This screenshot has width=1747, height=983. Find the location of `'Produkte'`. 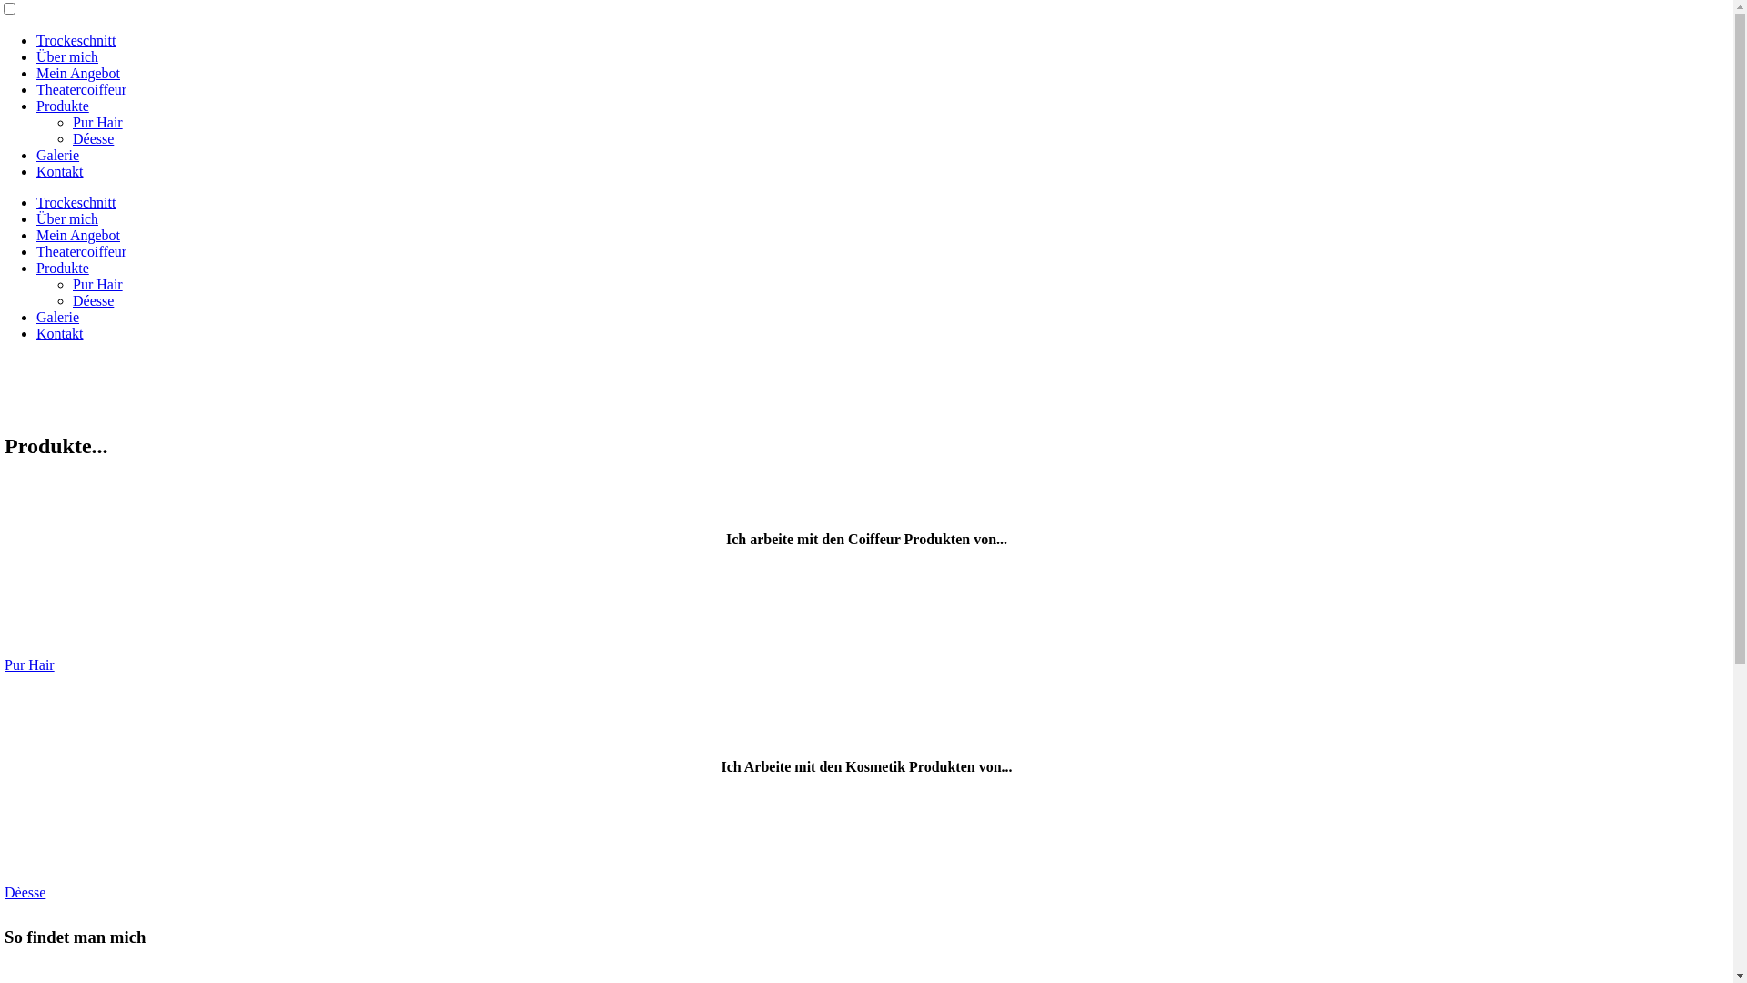

'Produkte' is located at coordinates (62, 106).